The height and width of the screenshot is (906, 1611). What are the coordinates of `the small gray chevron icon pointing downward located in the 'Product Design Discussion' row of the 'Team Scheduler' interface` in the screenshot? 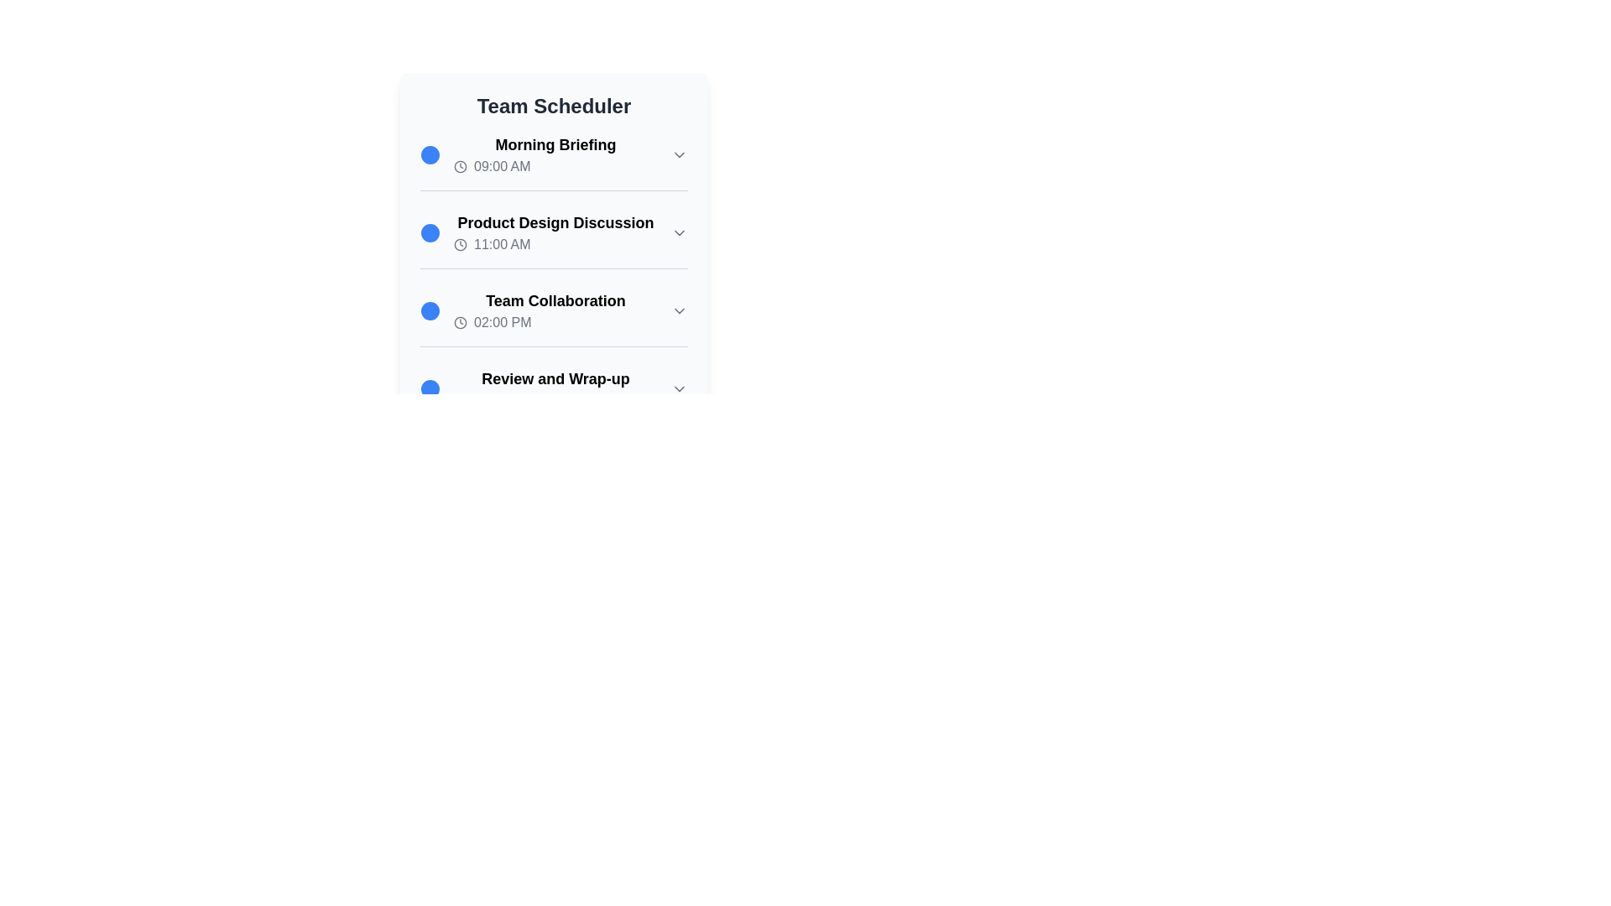 It's located at (680, 232).